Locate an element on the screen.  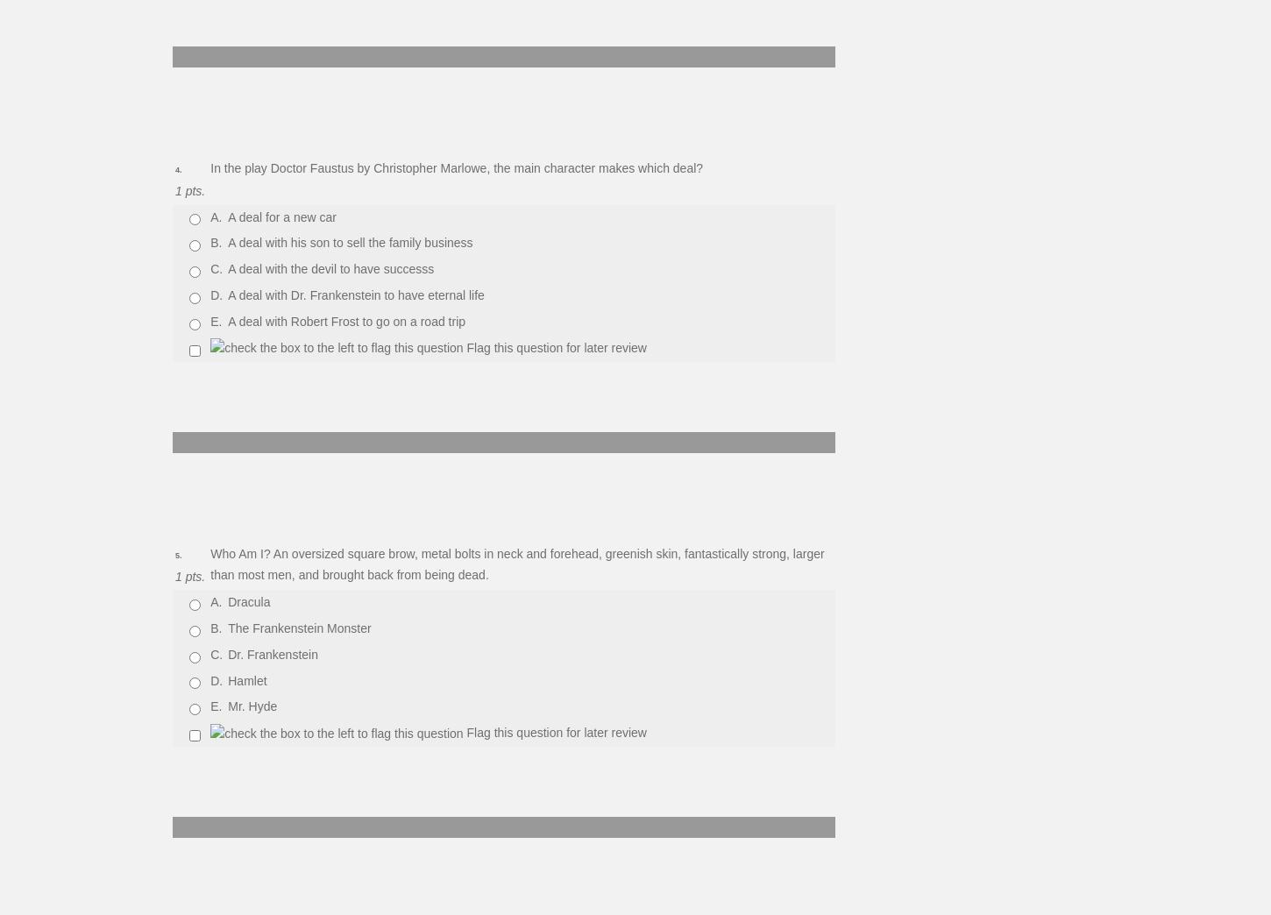
'The Frankenstein Monster' is located at coordinates (299, 628).